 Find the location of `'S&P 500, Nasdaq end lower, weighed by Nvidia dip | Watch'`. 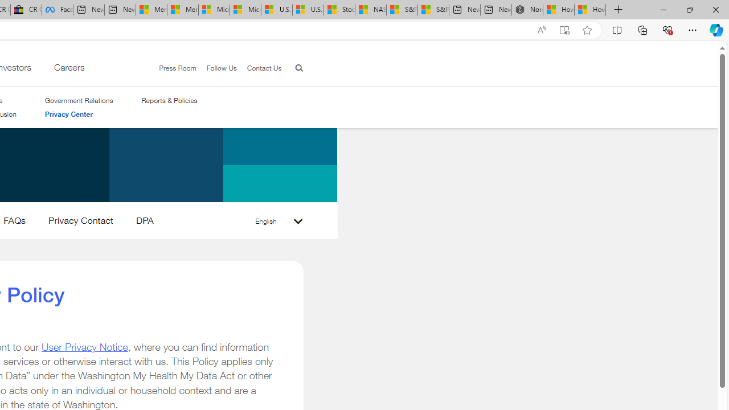

'S&P 500, Nasdaq end lower, weighed by Nvidia dip | Watch' is located at coordinates (432, 10).